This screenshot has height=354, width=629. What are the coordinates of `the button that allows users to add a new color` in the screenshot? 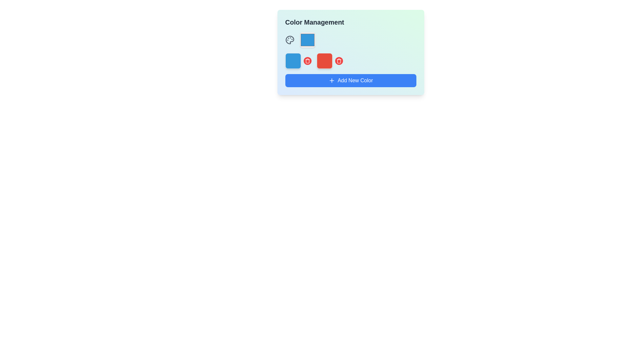 It's located at (350, 80).